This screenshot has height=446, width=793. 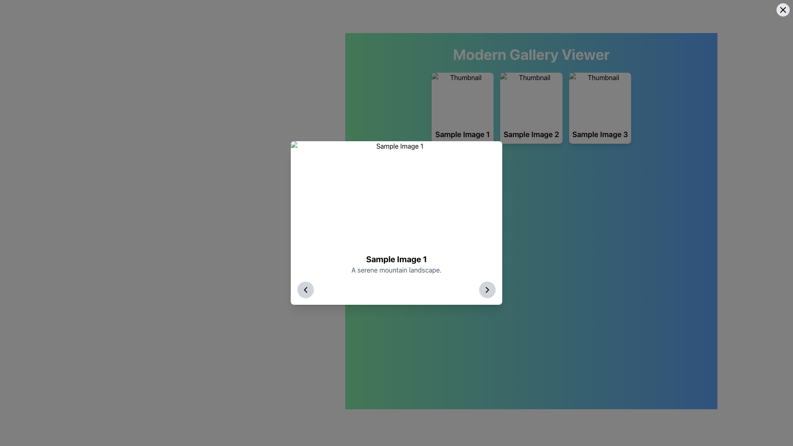 I want to click on the circular arrow buttons on the navigation bar, so click(x=396, y=289).